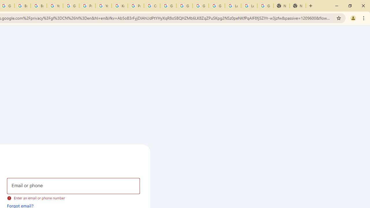 This screenshot has width=370, height=208. I want to click on 'New Tab', so click(282, 6).